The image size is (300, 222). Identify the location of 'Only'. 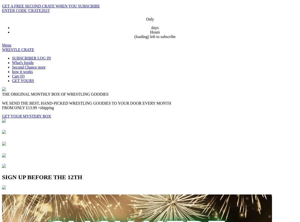
(150, 19).